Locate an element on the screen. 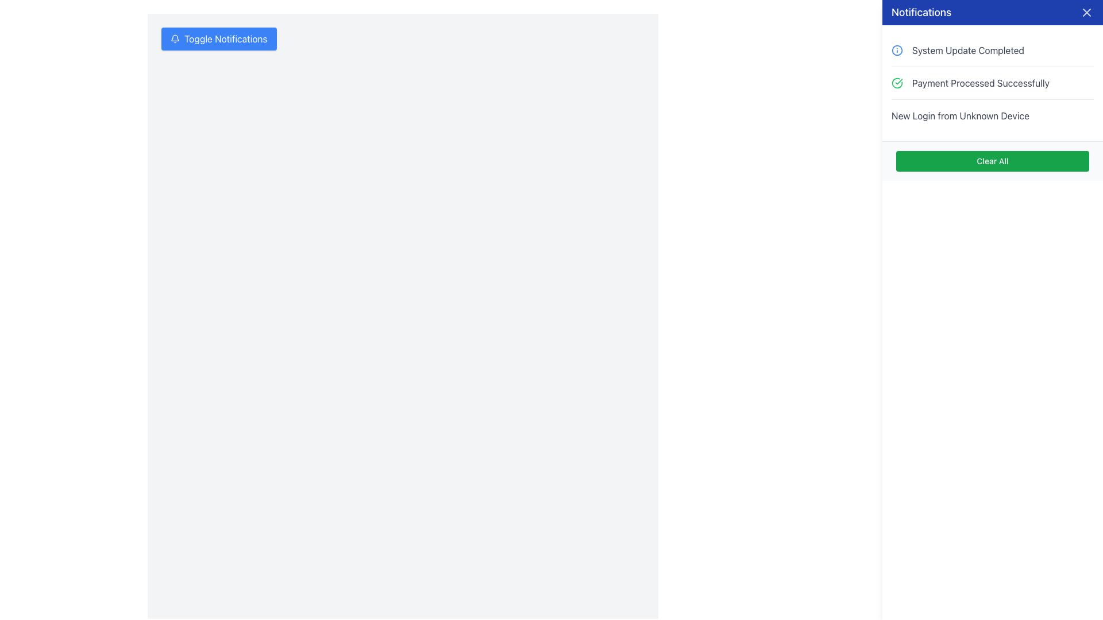 This screenshot has width=1103, height=620. static text element displaying the message 'New Login from Unknown Device', which is the third entry in the notification list under the 'Notifications' header is located at coordinates (992, 115).